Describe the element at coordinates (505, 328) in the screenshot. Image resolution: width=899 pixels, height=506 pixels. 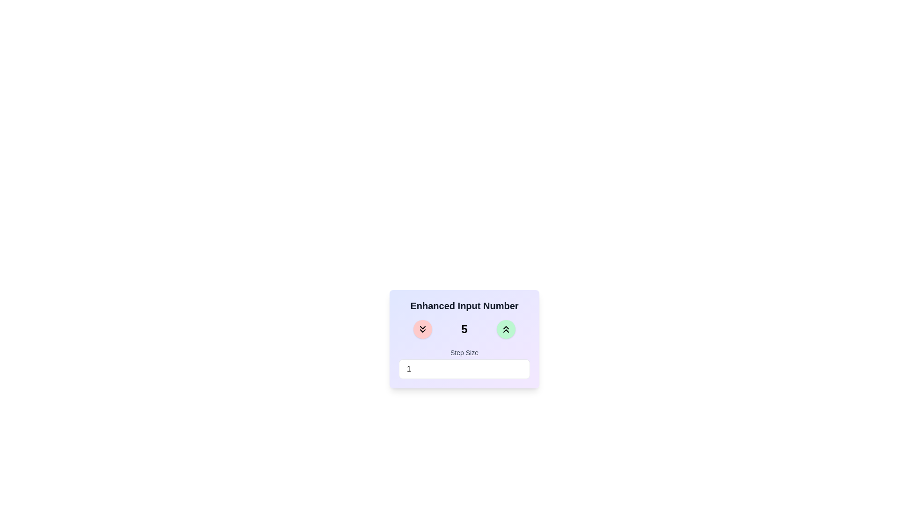
I see `the circular green button with a double upward chevron icon to increment the displayed numeric value` at that location.